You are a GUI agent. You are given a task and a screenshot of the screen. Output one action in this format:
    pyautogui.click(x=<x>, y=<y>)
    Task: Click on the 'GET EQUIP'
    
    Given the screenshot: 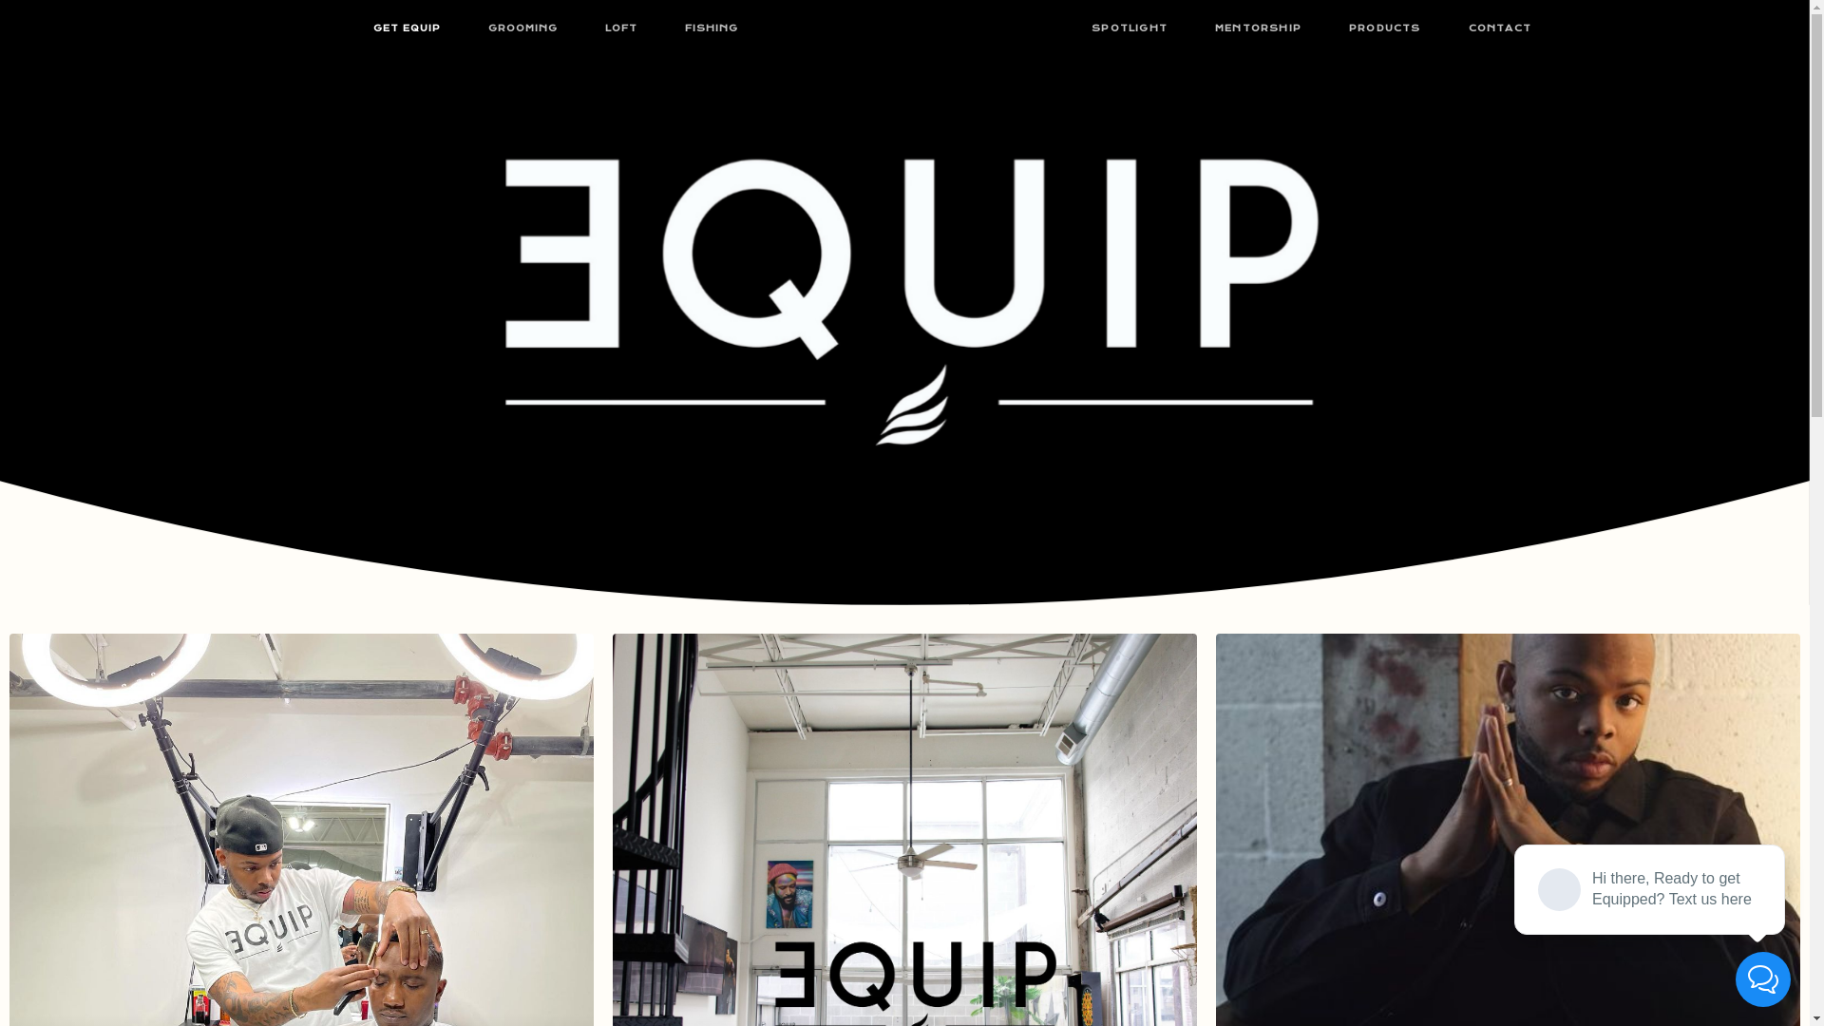 What is the action you would take?
    pyautogui.click(x=406, y=28)
    